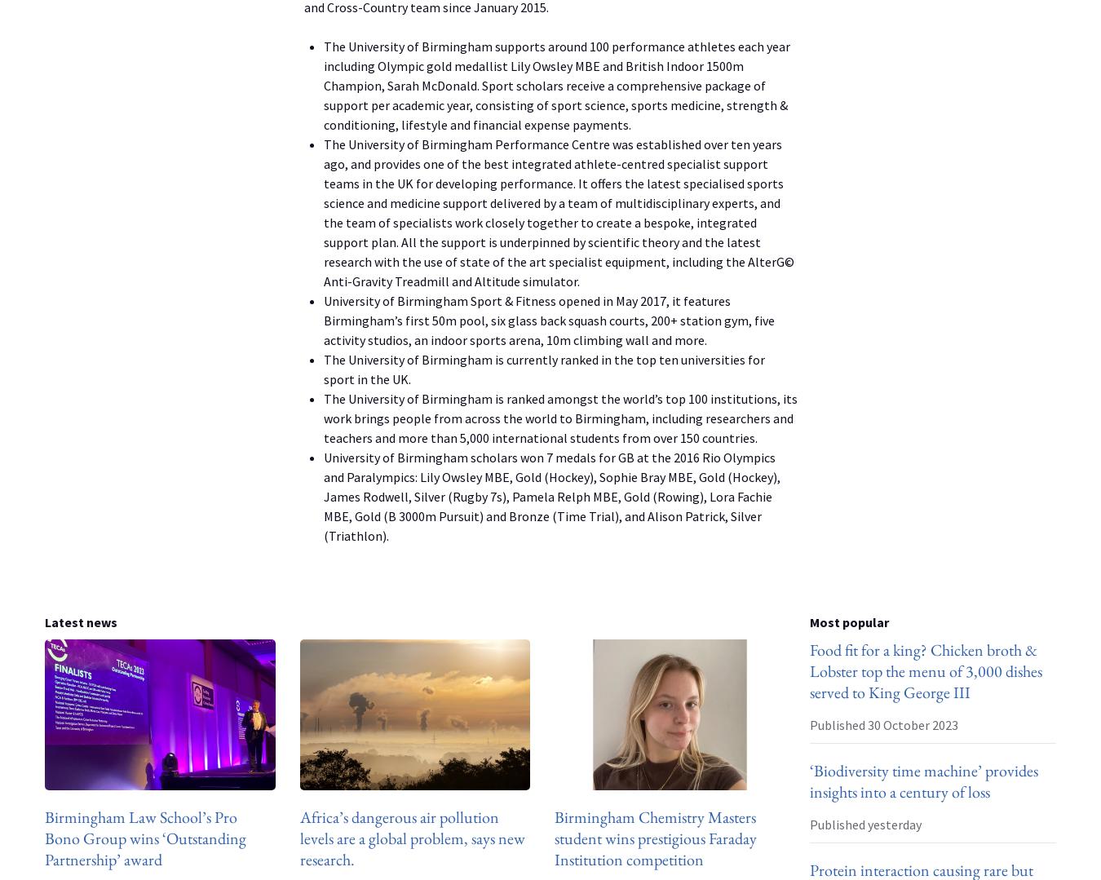 The image size is (1101, 880). What do you see at coordinates (557, 213) in the screenshot?
I see `'The University of Birmingham Performance Centre was established over ten years ago, and provides one of the best integrated athlete-centred specialist support teams in the UK for developing performance. It offers the latest specialised sports science and medicine support delivered by a team of multidisciplinary experts, and the team of specialists work closely together to create a bespoke, integrated support plan. All the support is underpinned by scientific theory and the latest research with the use of state of the art specialist equipment, including the AlterG© Anti-Gravity Treadmill and Altitude simulator.'` at bounding box center [557, 213].